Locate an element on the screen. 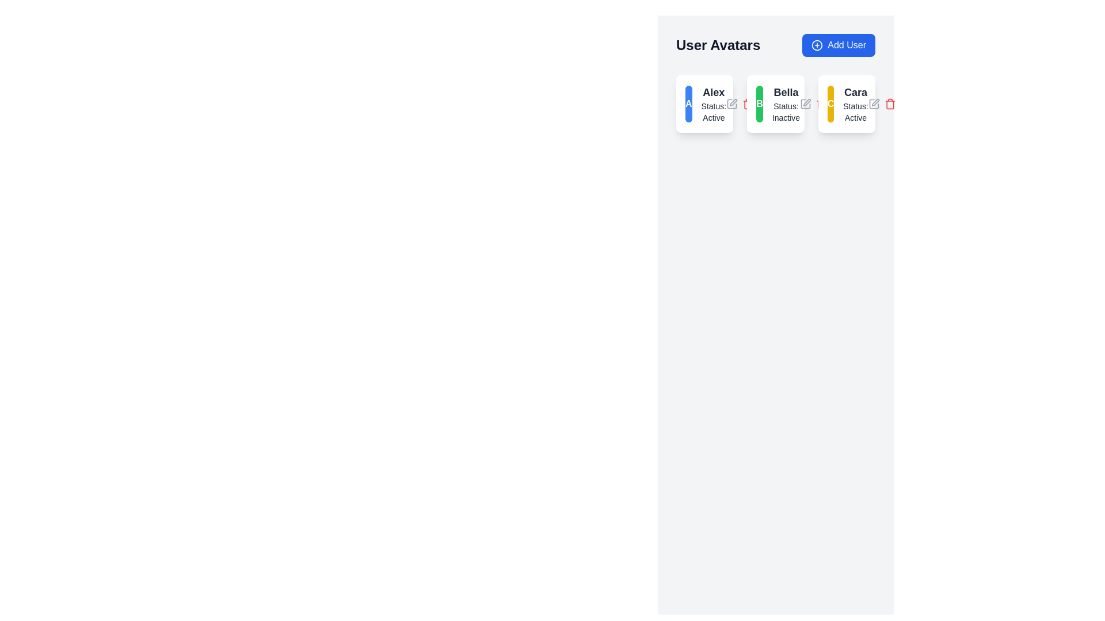 This screenshot has width=1105, height=621. the static text label indicating the username 'Bella', which is positioned above the text 'Status: Inactive' in the second card of a horizontal grid layout is located at coordinates (786, 92).